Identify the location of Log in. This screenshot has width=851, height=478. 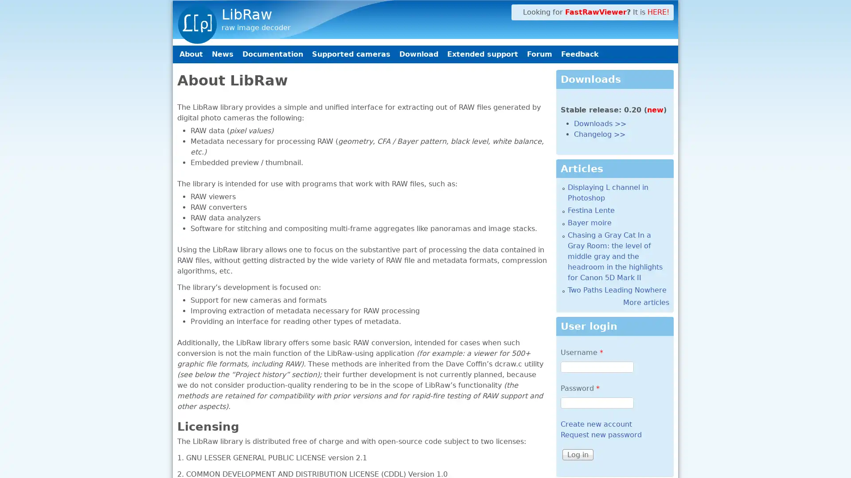
(578, 454).